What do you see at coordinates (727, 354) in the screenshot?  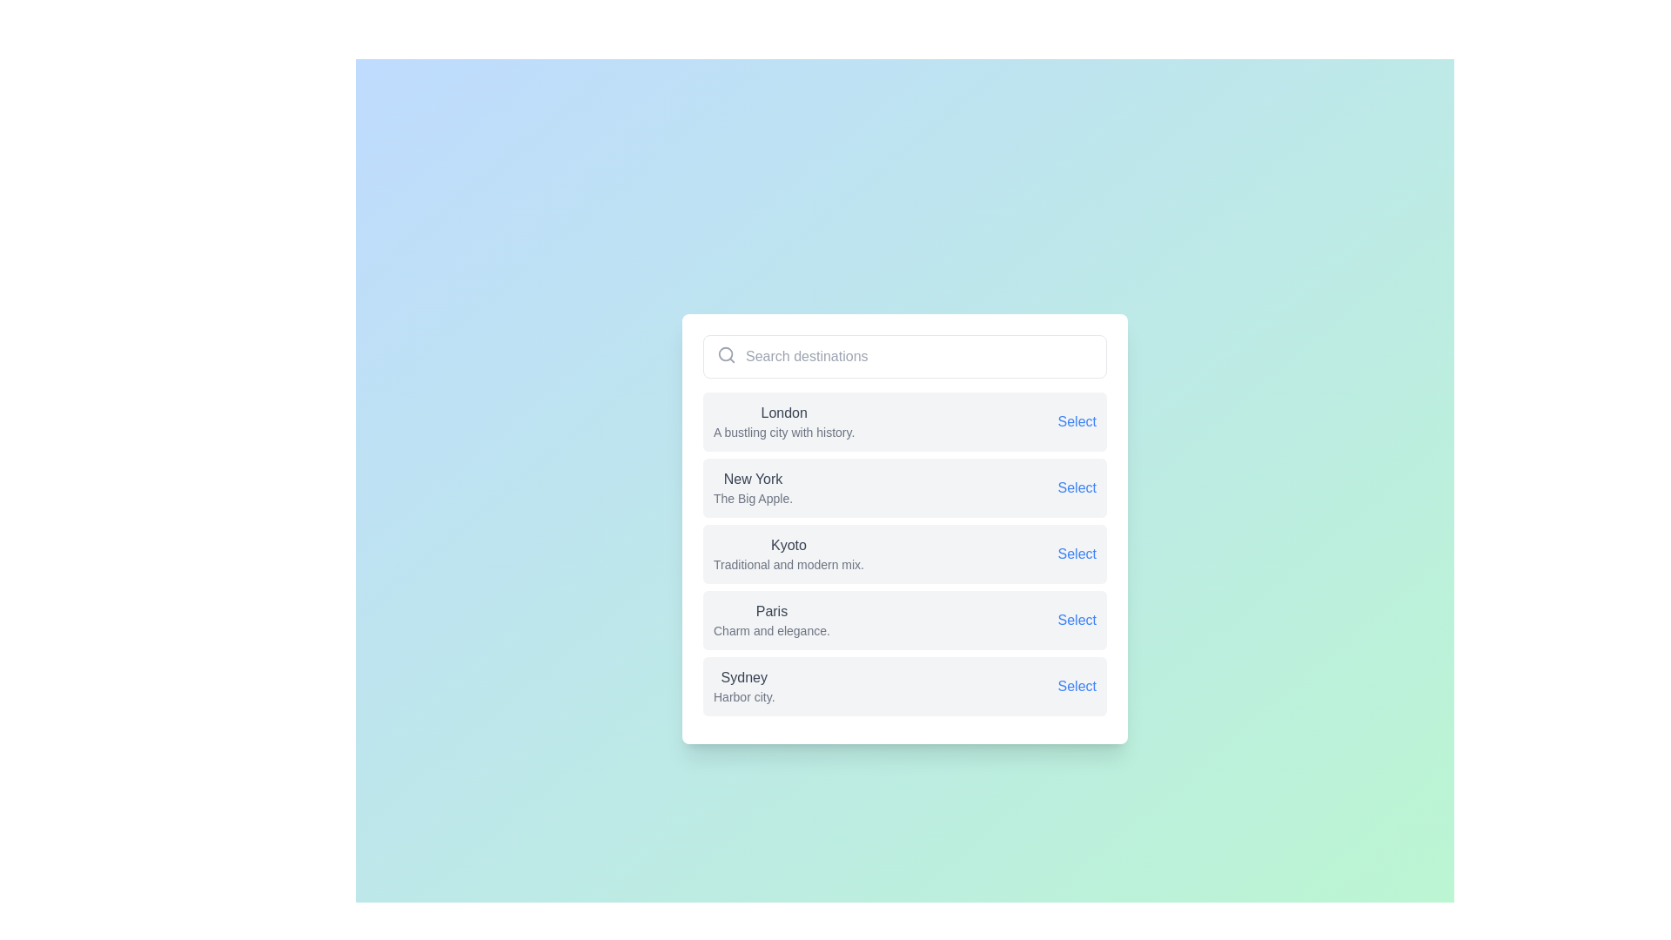 I see `the search icon located at the top-left inside the search input field, which visually indicates the search functionality` at bounding box center [727, 354].